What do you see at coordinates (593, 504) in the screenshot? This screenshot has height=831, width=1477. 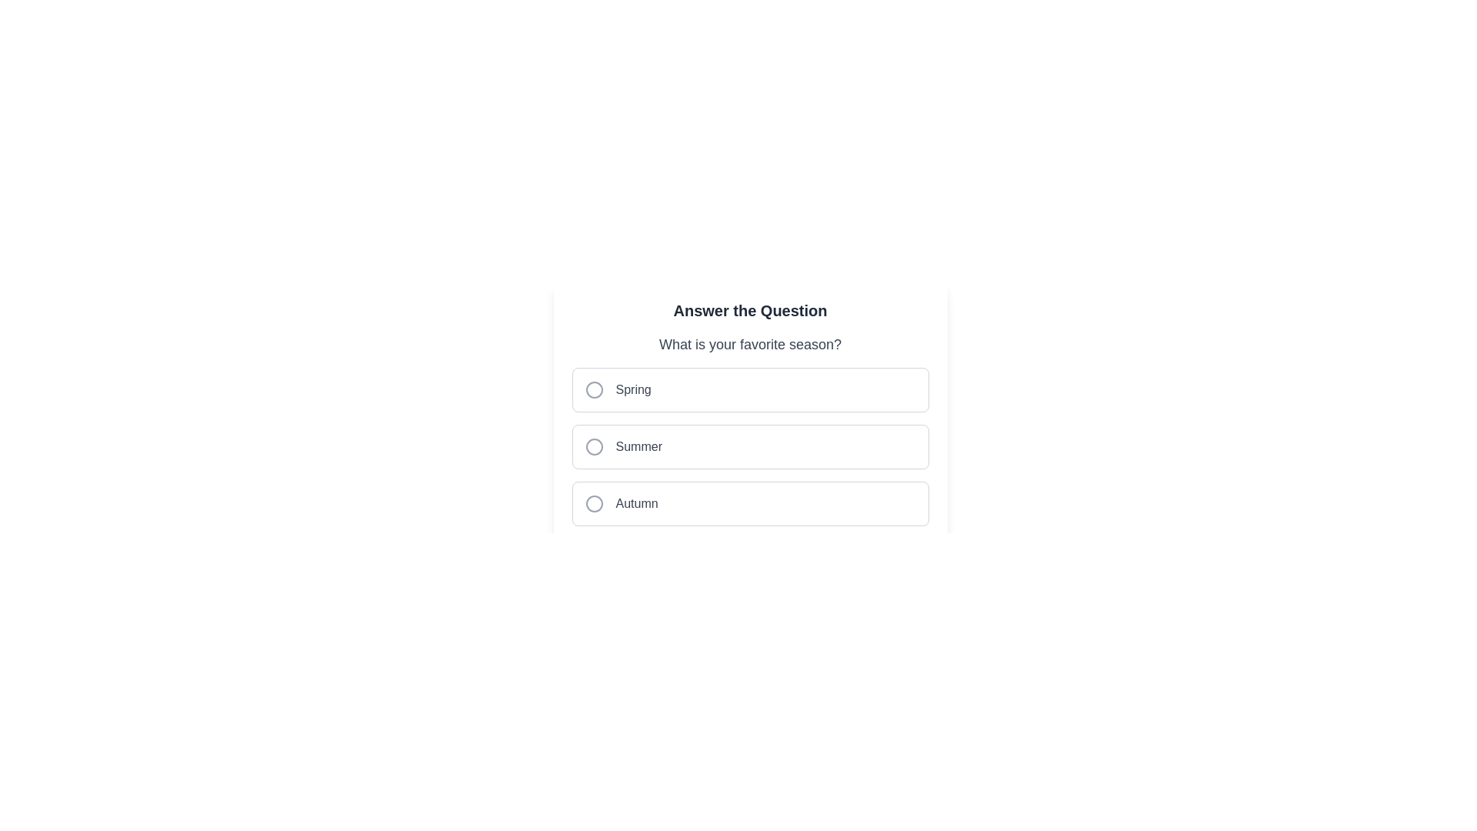 I see `the radio button indicator for the 'Autumn' option` at bounding box center [593, 504].